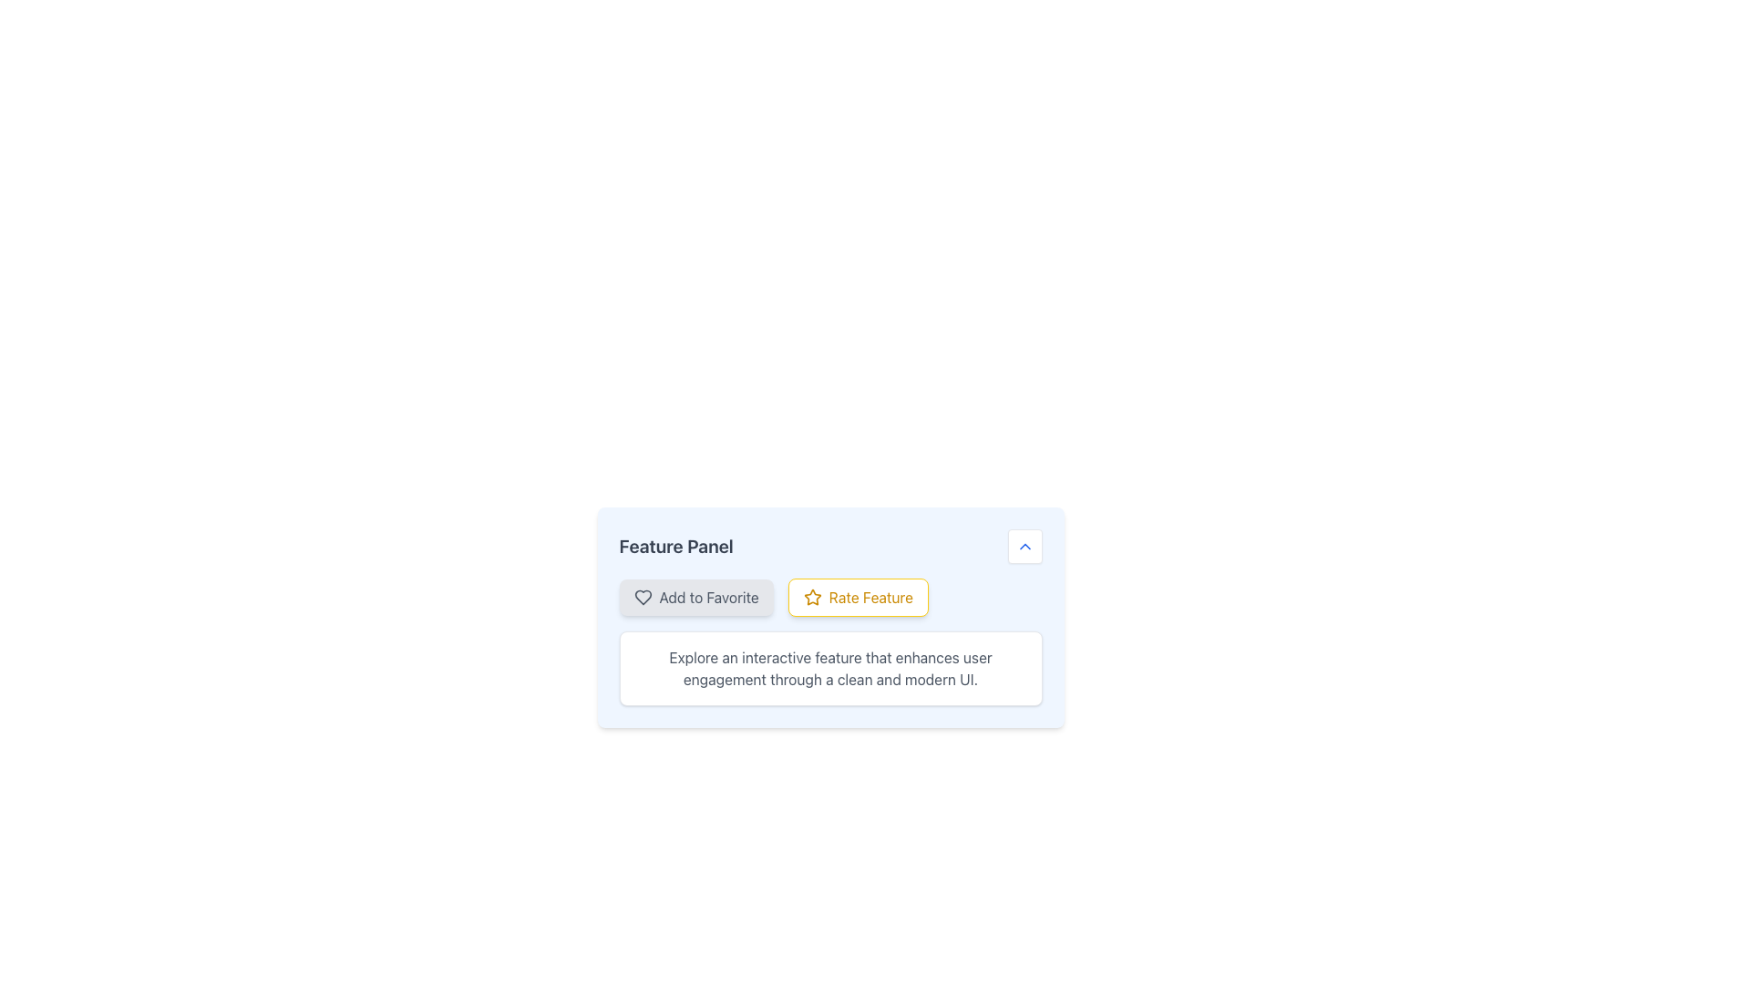  Describe the element at coordinates (829, 668) in the screenshot. I see `informative text displayed in the Informational Text Box located within the Feature Panel, positioned below the 'Add to Favorite' and 'Rate Feature' buttons` at that location.